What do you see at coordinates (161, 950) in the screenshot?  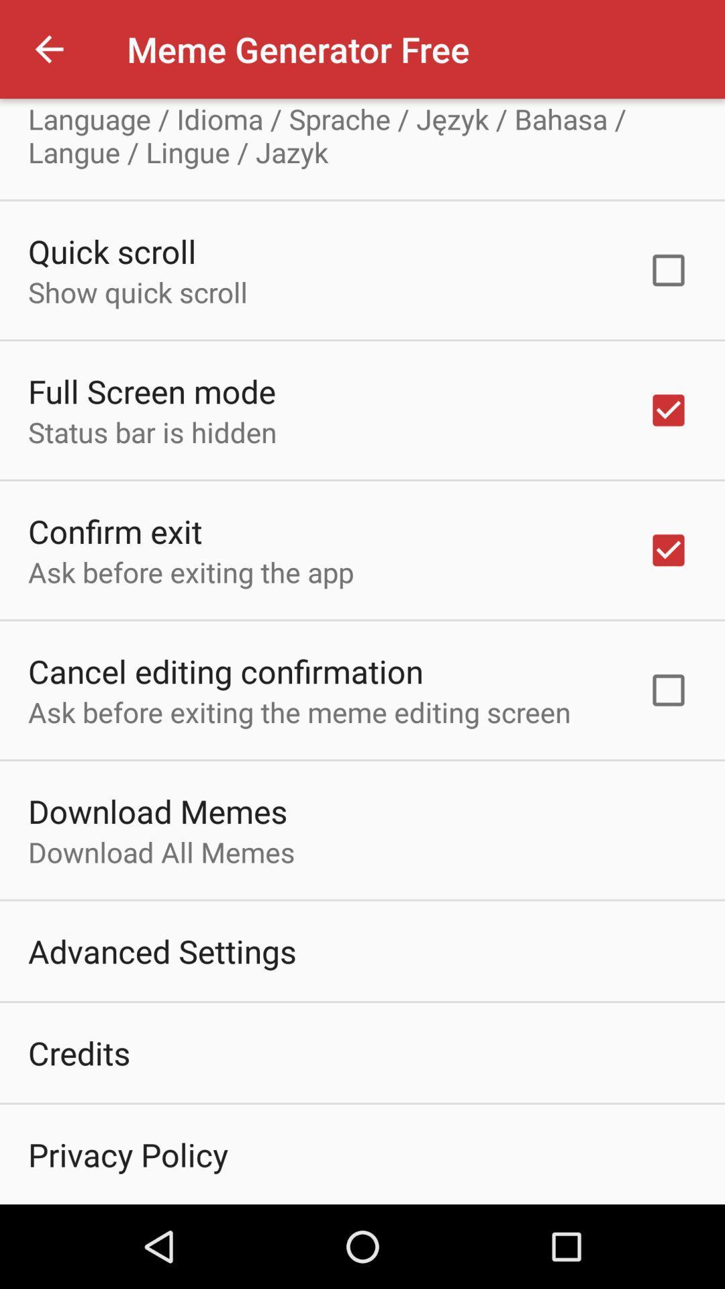 I see `the item below download all memes icon` at bounding box center [161, 950].